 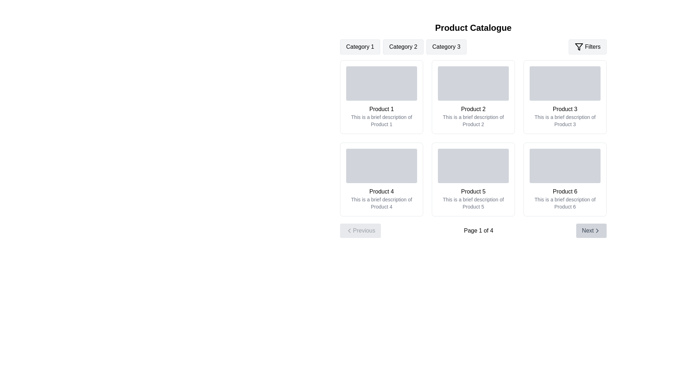 What do you see at coordinates (565, 120) in the screenshot?
I see `text block that is gray and center-aligned, located beneath the title 'Product 3' in the third product card` at bounding box center [565, 120].